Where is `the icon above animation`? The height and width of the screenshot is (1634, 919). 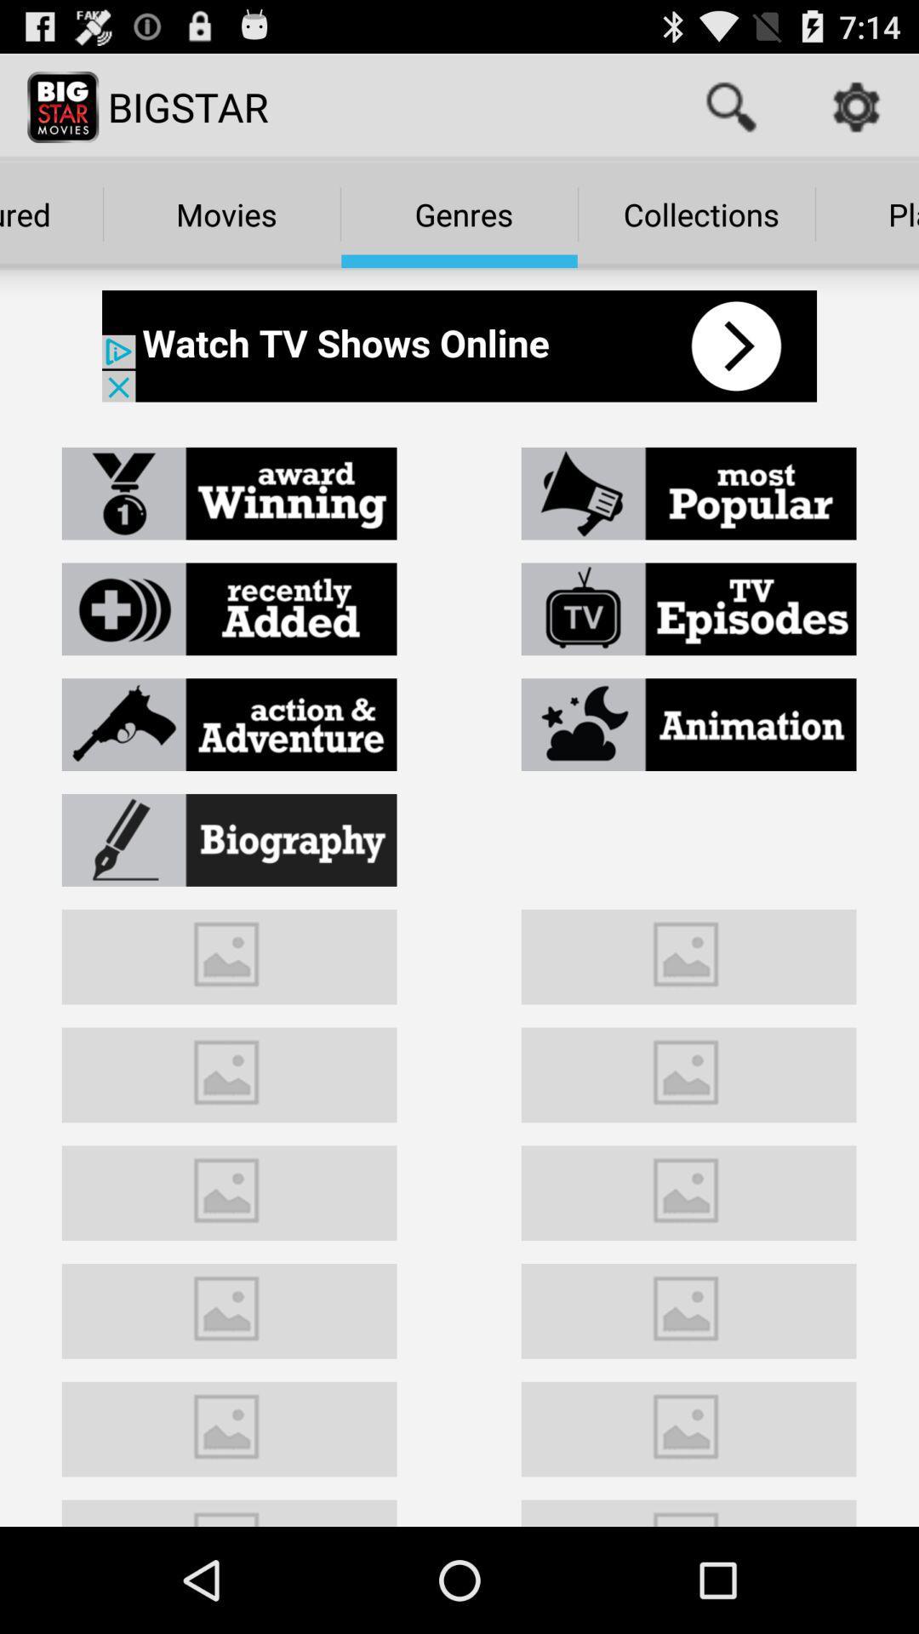
the icon above animation is located at coordinates (689, 608).